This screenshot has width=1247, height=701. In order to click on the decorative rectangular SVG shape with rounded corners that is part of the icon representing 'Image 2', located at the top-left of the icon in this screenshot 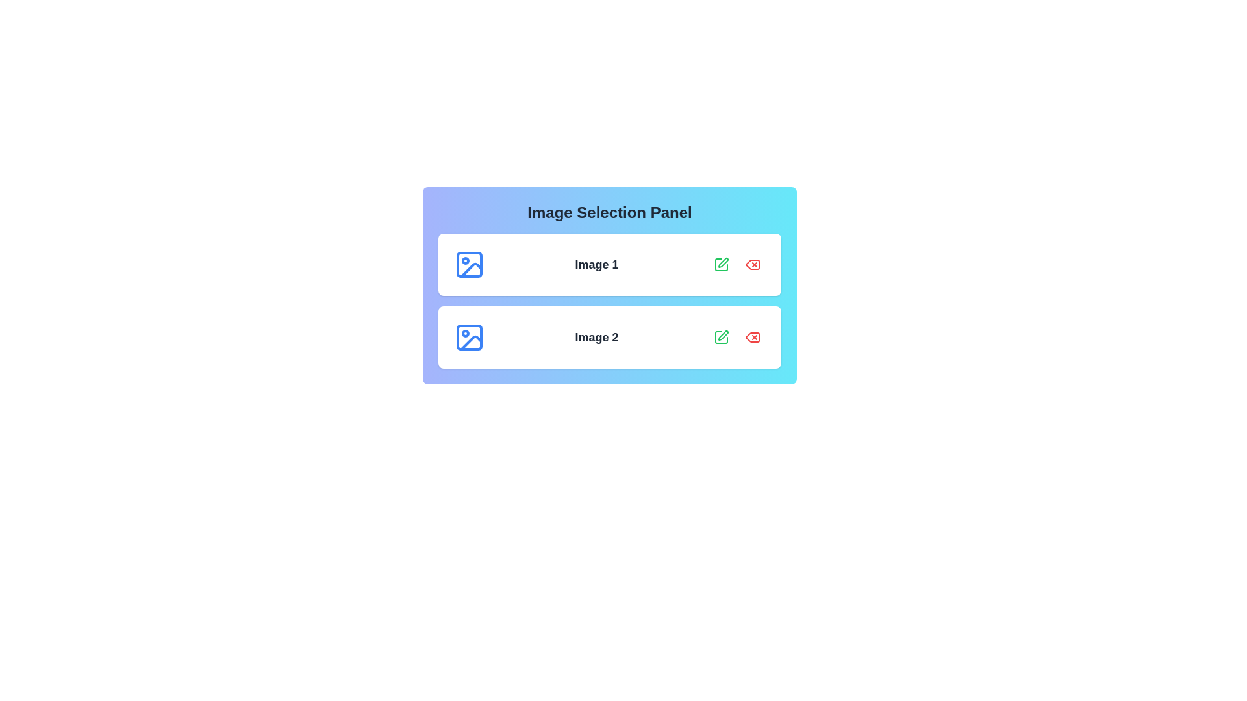, I will do `click(469, 337)`.